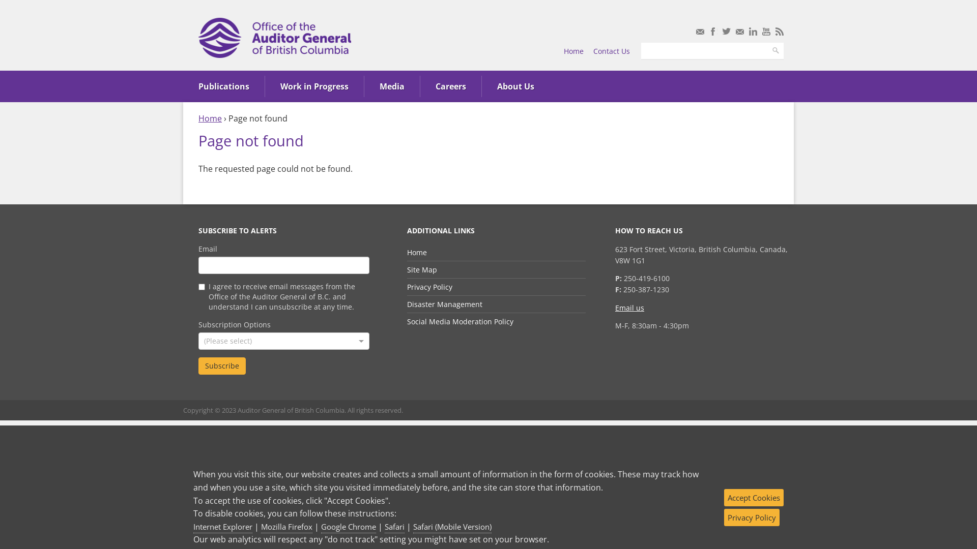 The width and height of the screenshot is (977, 549). Describe the element at coordinates (515, 85) in the screenshot. I see `'About Us'` at that location.